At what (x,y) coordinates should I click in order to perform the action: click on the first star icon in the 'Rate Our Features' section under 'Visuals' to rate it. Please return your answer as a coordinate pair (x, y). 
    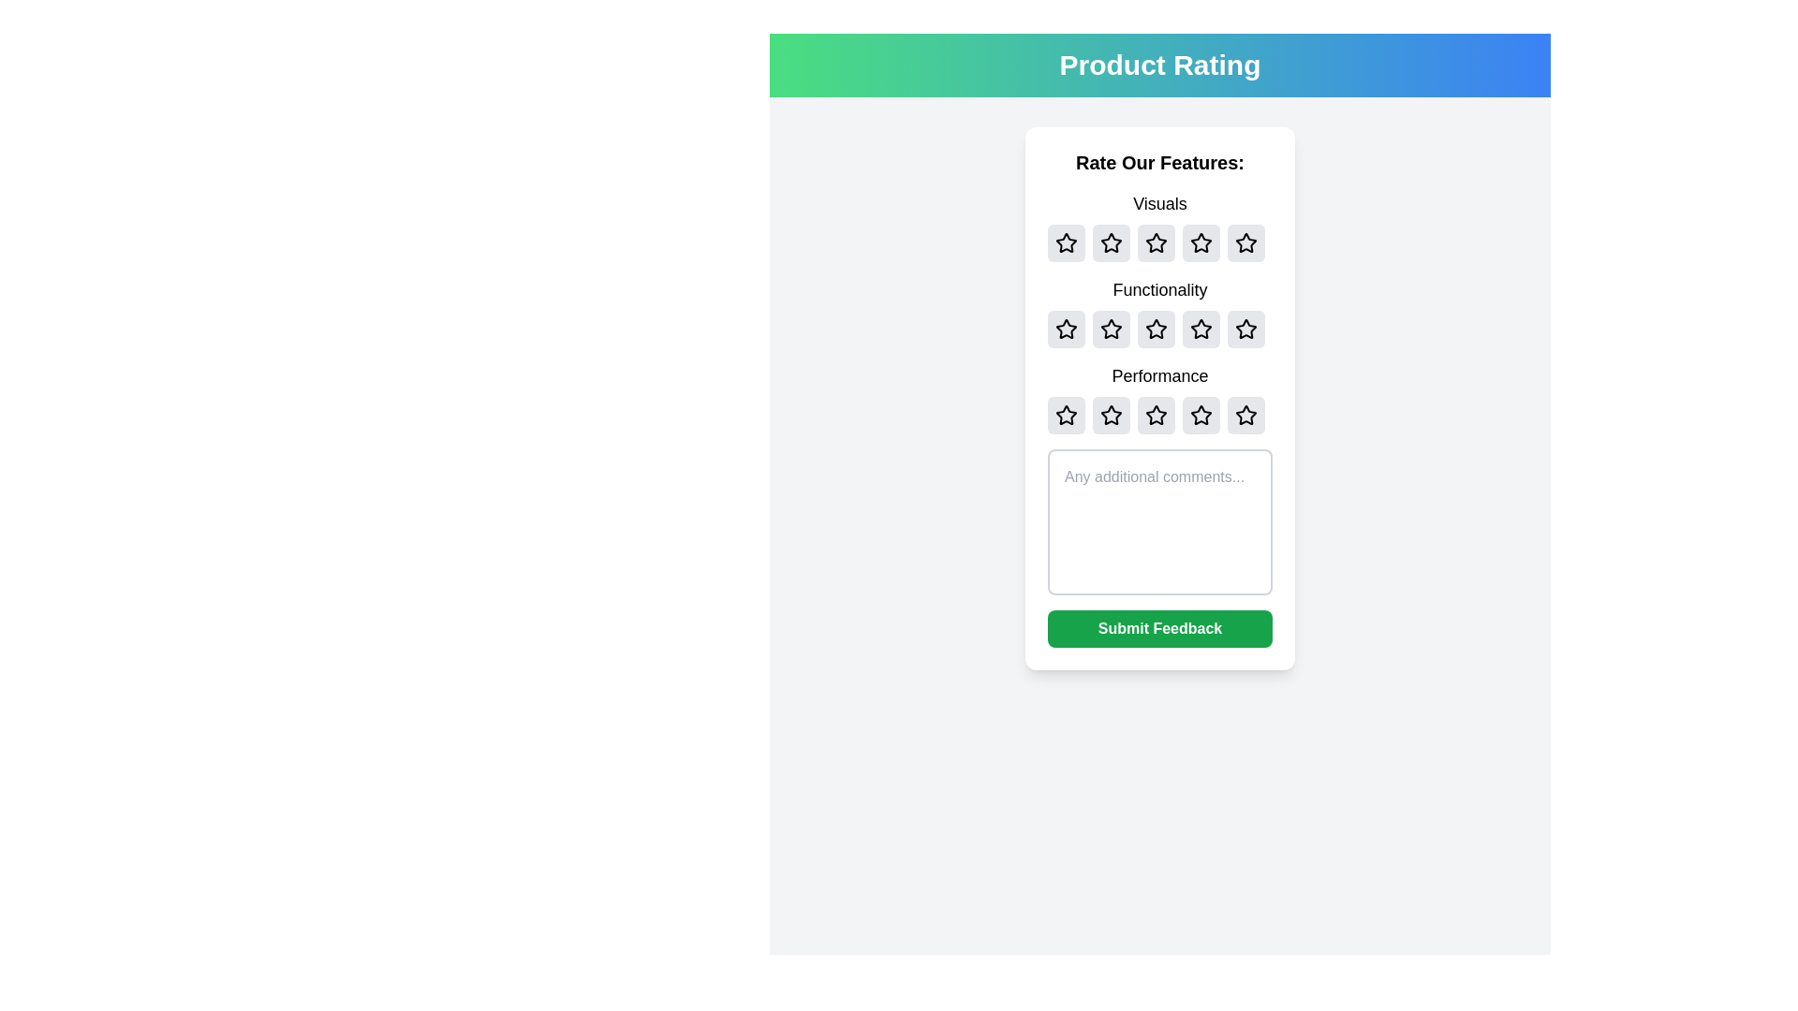
    Looking at the image, I should click on (1066, 242).